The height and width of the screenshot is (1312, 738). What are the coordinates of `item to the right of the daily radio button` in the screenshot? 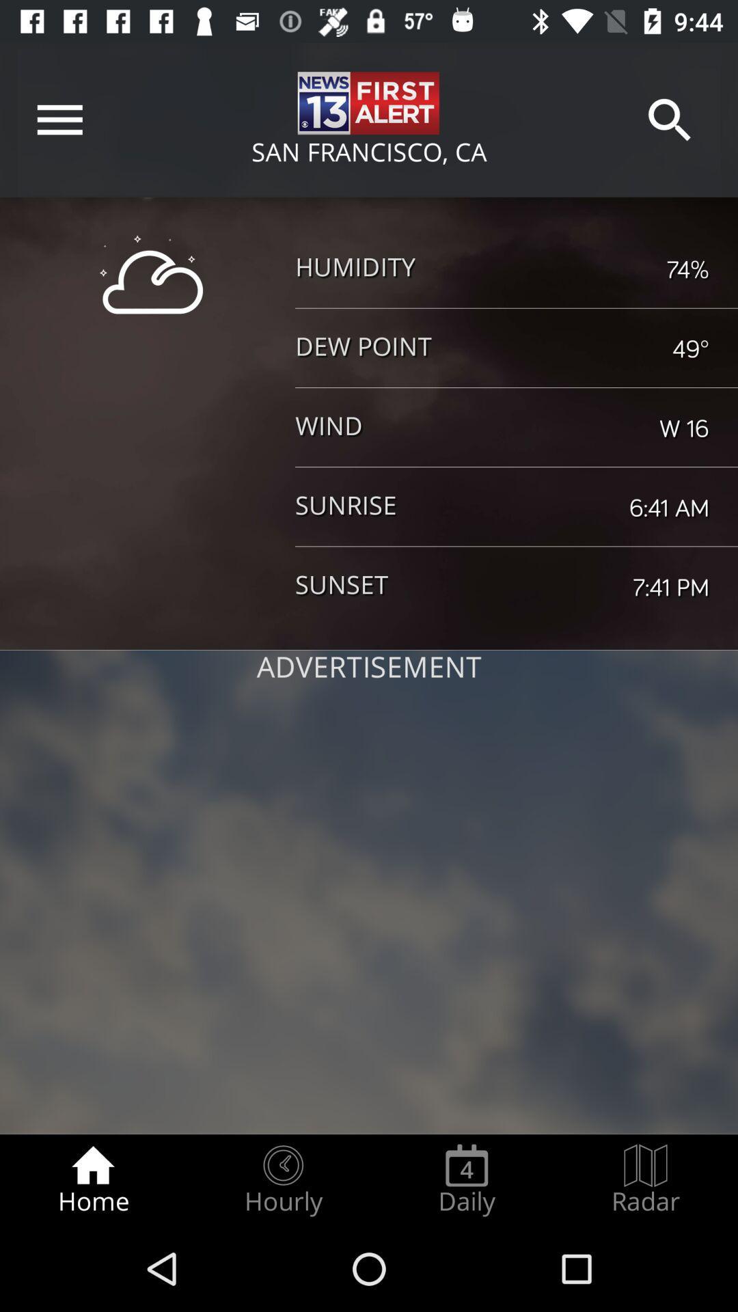 It's located at (646, 1179).